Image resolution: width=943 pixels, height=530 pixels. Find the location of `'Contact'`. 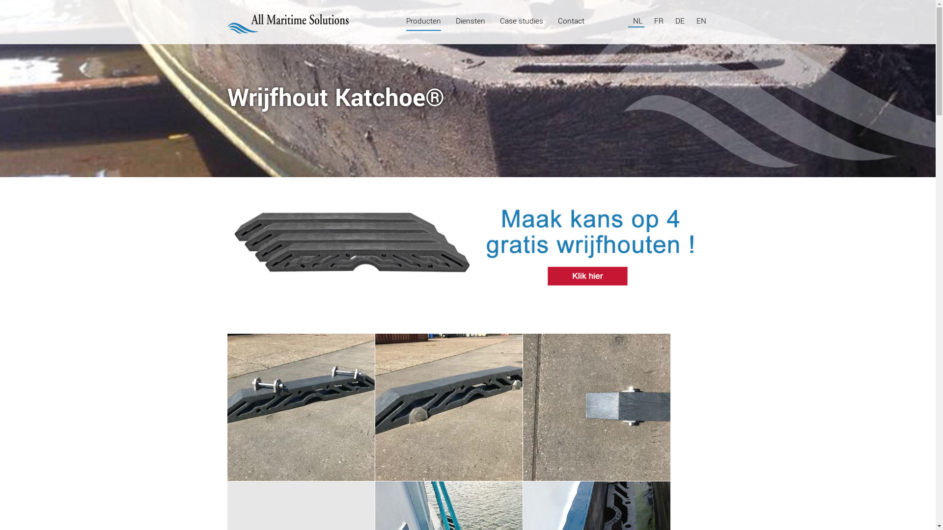

'Contact' is located at coordinates (571, 21).